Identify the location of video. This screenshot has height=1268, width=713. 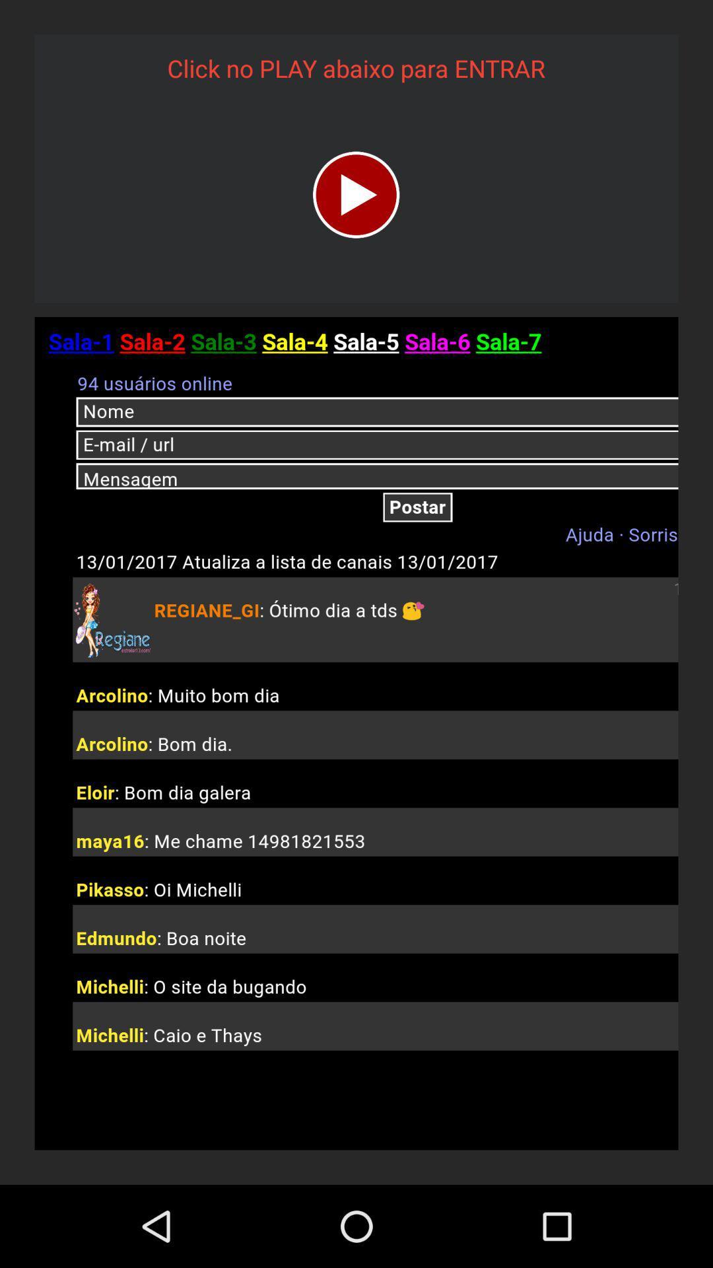
(355, 194).